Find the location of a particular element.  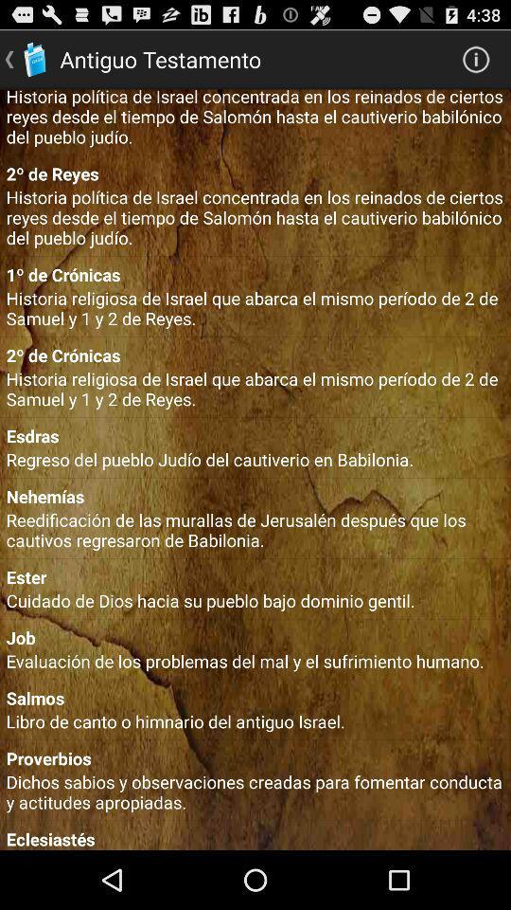

the job is located at coordinates (255, 637).